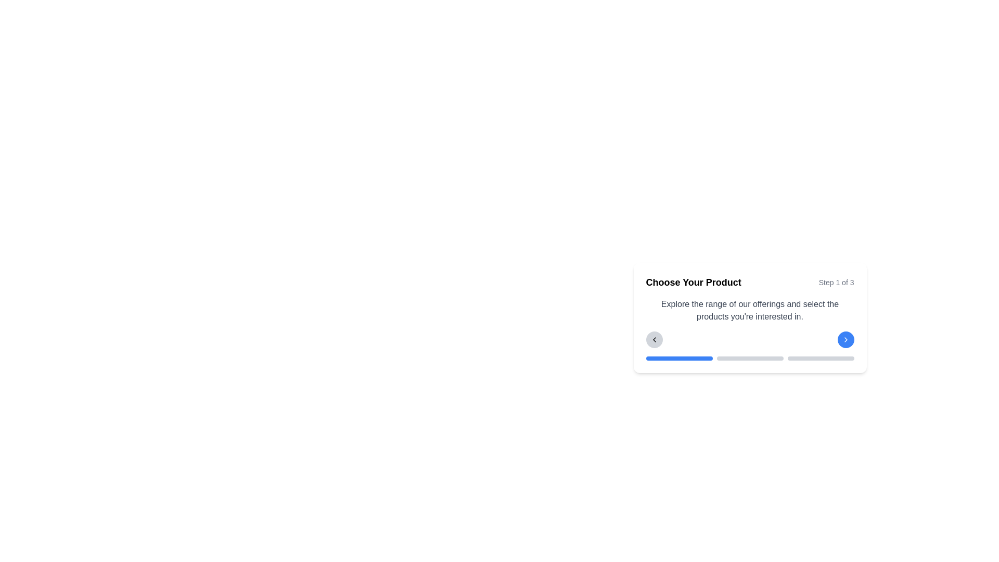 The height and width of the screenshot is (562, 999). Describe the element at coordinates (750, 358) in the screenshot. I see `the Progress indicator (inactive step) located in the middle of a three-bar sequence below the 'Choose Your Product' header` at that location.